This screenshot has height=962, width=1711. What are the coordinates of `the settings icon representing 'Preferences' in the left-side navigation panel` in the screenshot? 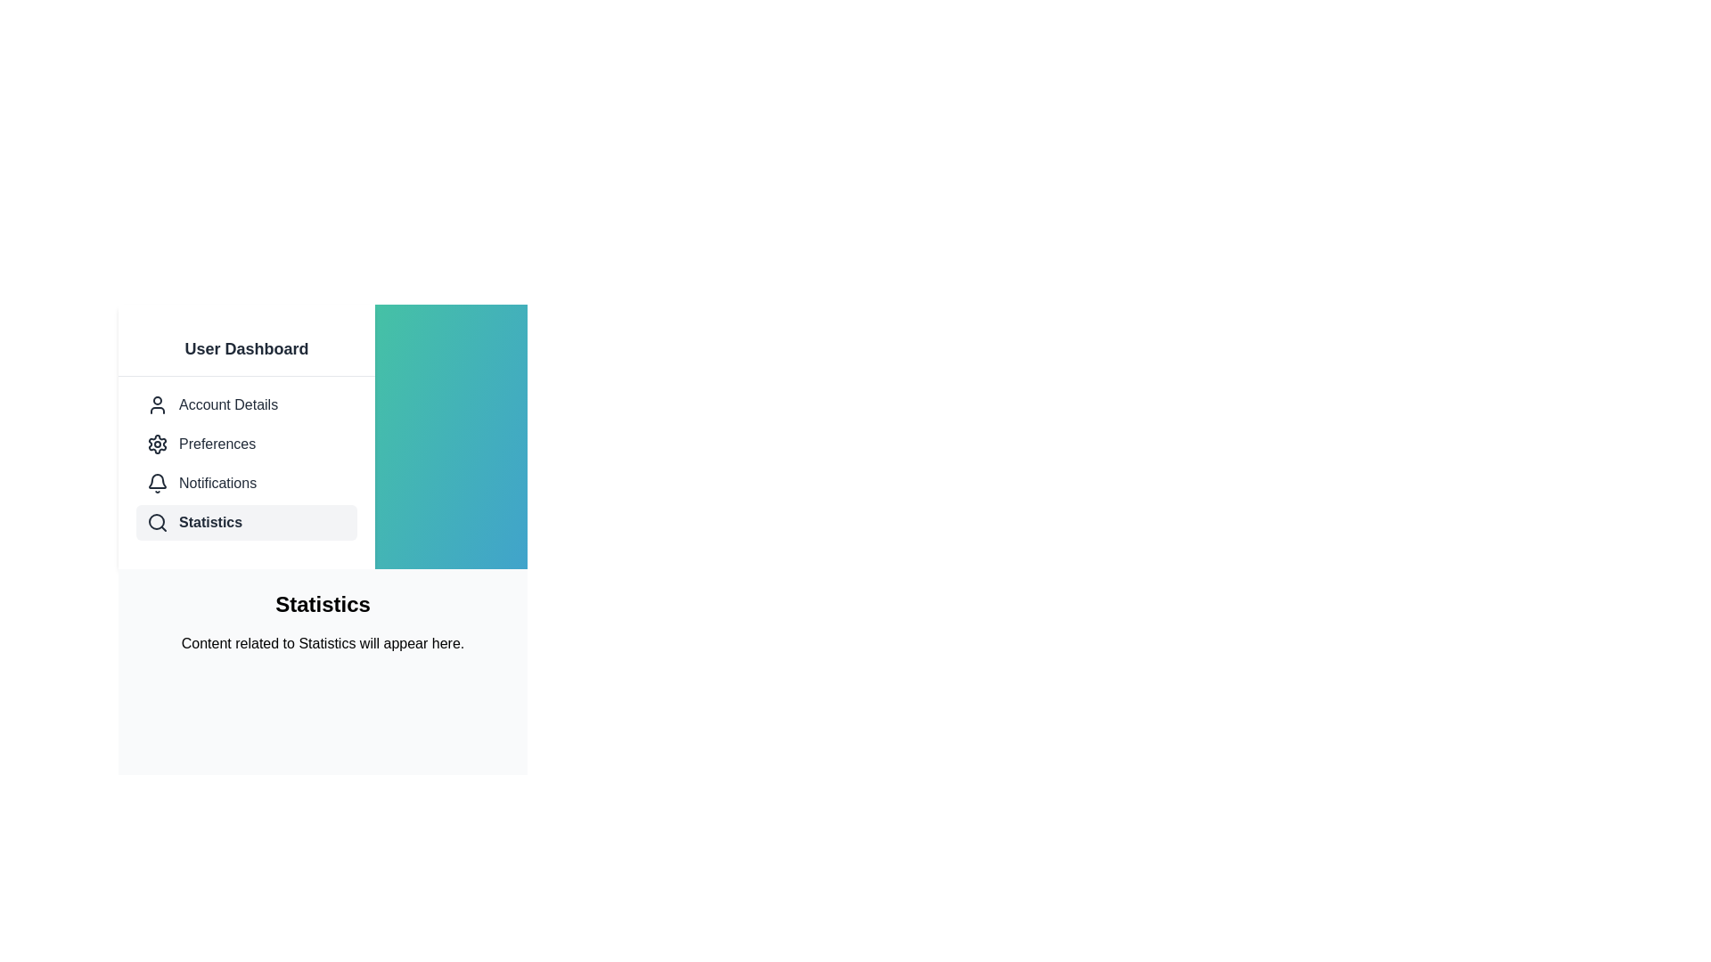 It's located at (158, 443).